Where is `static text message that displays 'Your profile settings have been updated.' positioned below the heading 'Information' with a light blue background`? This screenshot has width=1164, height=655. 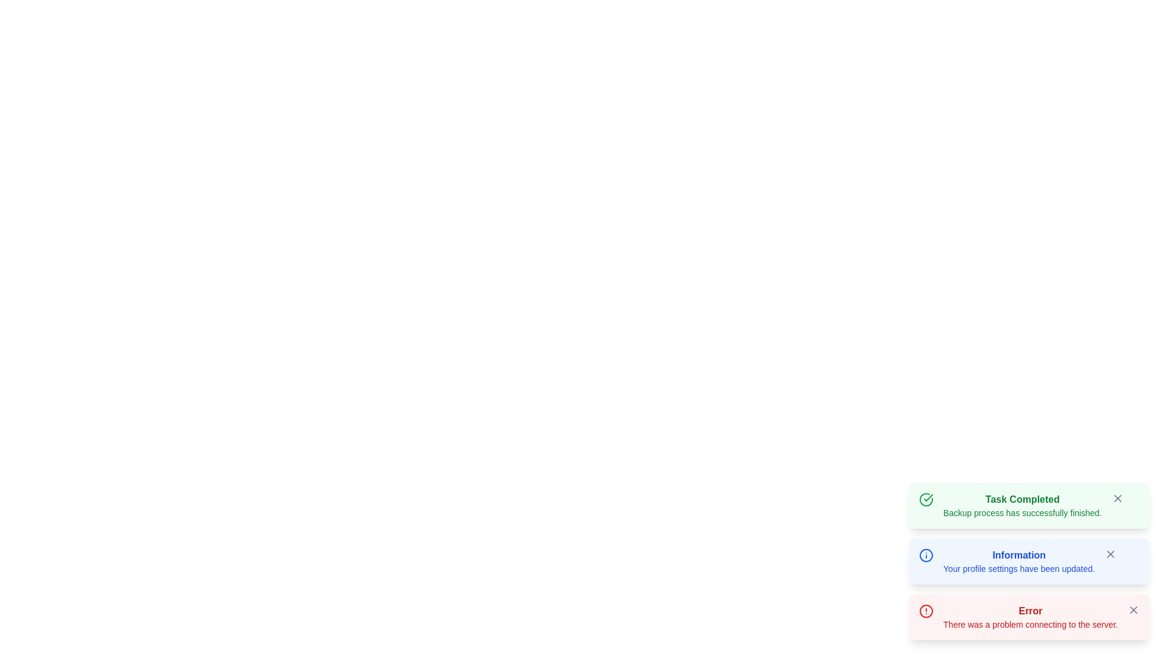 static text message that displays 'Your profile settings have been updated.' positioned below the heading 'Information' with a light blue background is located at coordinates (1018, 568).